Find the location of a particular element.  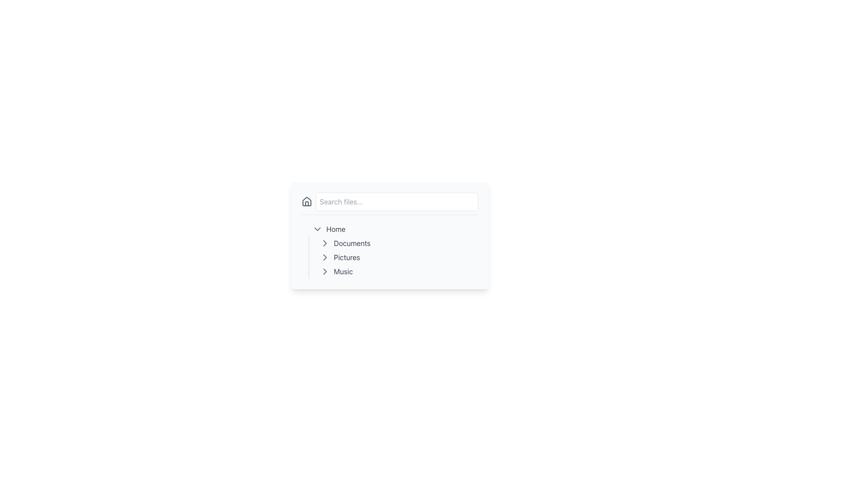

the downward-facing chevron icon button next to the 'Home' text is located at coordinates (318, 229).